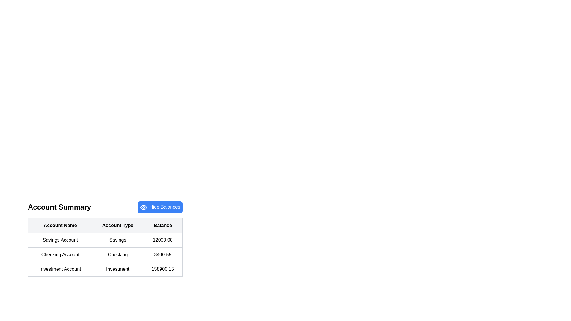  What do you see at coordinates (160, 207) in the screenshot?
I see `the button located in the 'Account Summary' section` at bounding box center [160, 207].